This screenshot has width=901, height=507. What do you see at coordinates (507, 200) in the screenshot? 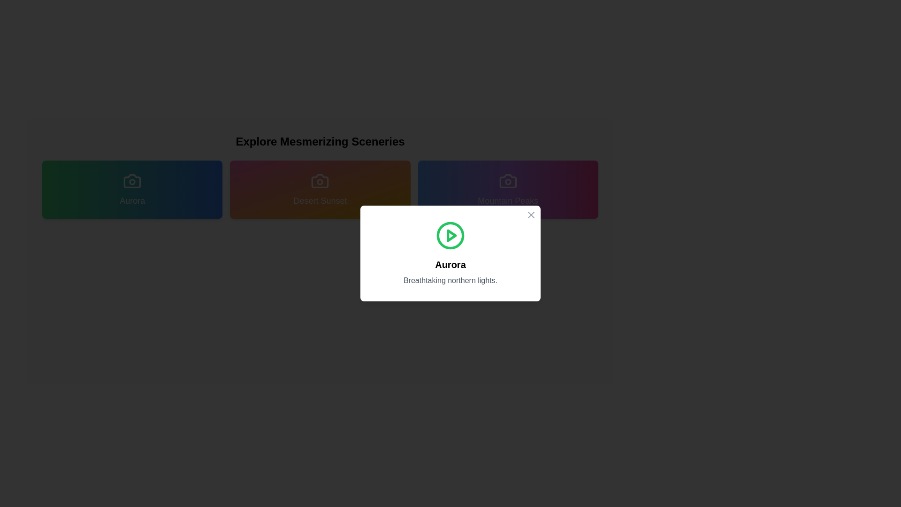
I see `text label indicating the category 'Mountain Peaks' located at the bottom section of the gradient card, positioned below a camera icon` at bounding box center [507, 200].